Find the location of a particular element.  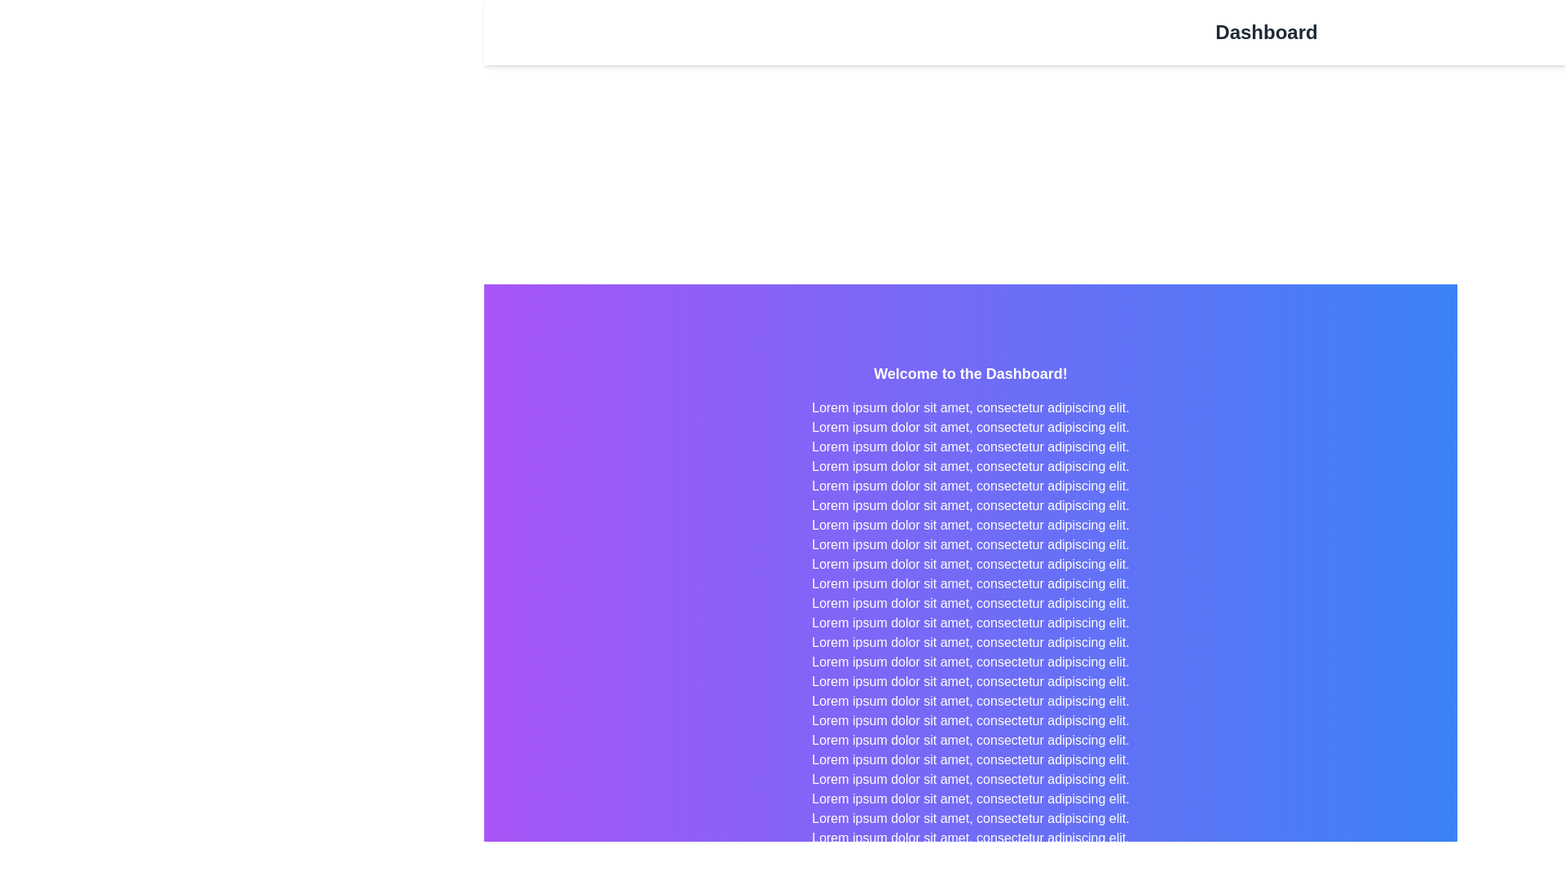

the 15th line of white static text that reads "Lorem ipsum dolor sit amet, consectetur adipiscing elit." displayed against a gradient background transitioning from purple to blue is located at coordinates (970, 662).